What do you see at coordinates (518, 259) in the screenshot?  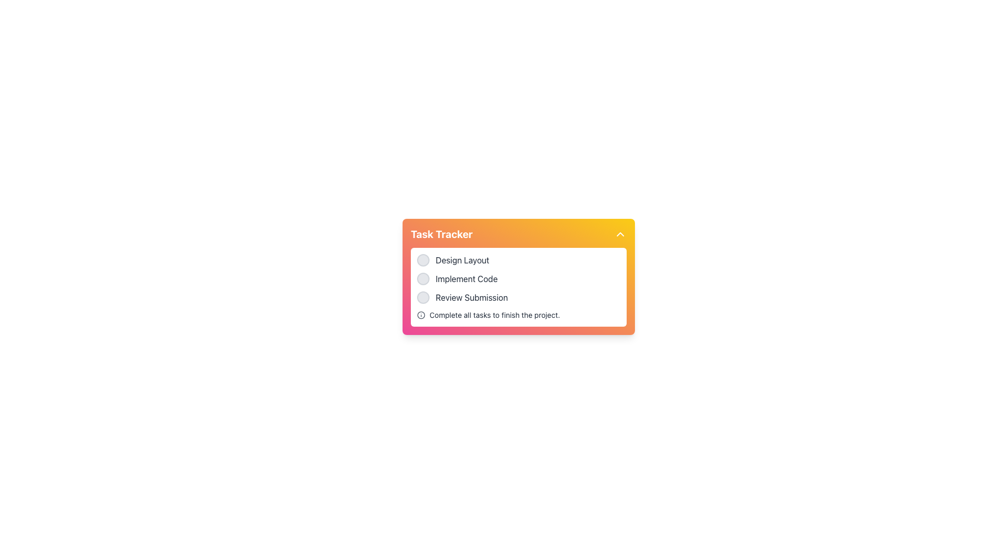 I see `the radio button for the 'Design Layout' task item in the task tracking widget to mark it as selected` at bounding box center [518, 259].